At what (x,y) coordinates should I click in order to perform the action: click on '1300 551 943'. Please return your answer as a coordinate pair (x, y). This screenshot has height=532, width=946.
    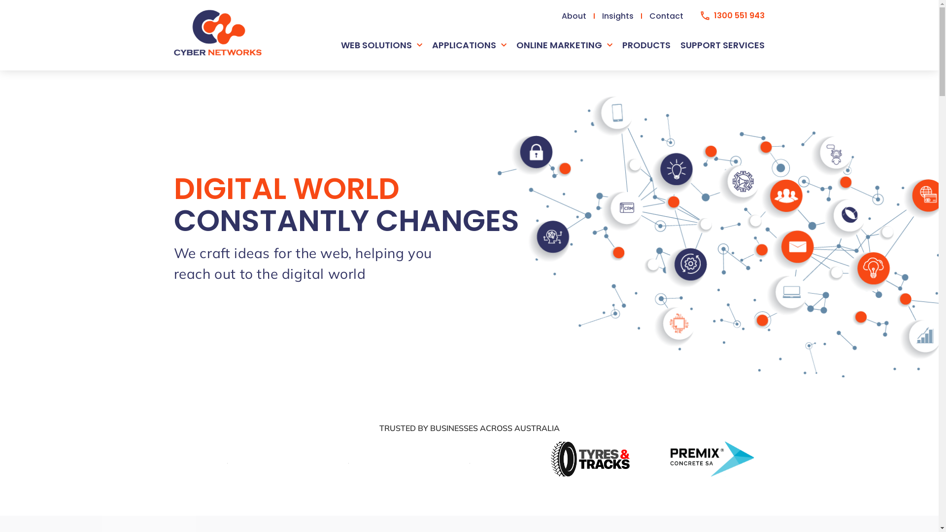
    Looking at the image, I should click on (700, 15).